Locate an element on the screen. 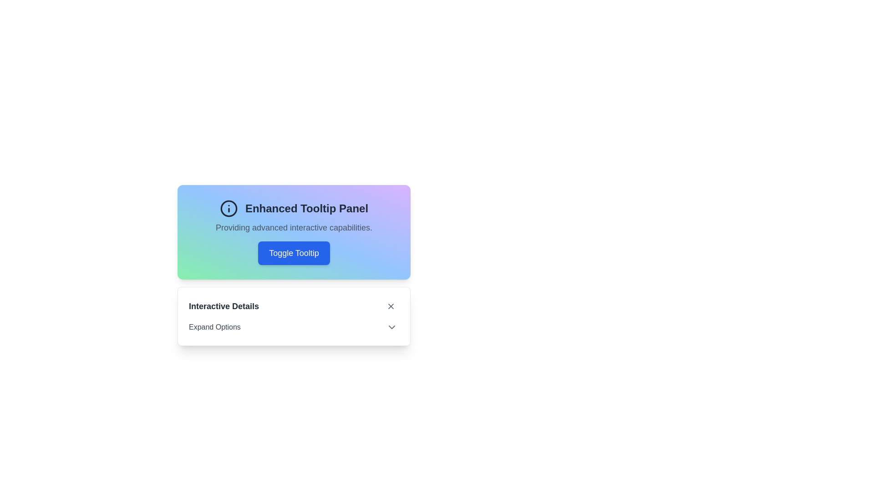  the Dropdown Trigger Icon located to the right of the 'Expand Options' text is located at coordinates (391, 327).